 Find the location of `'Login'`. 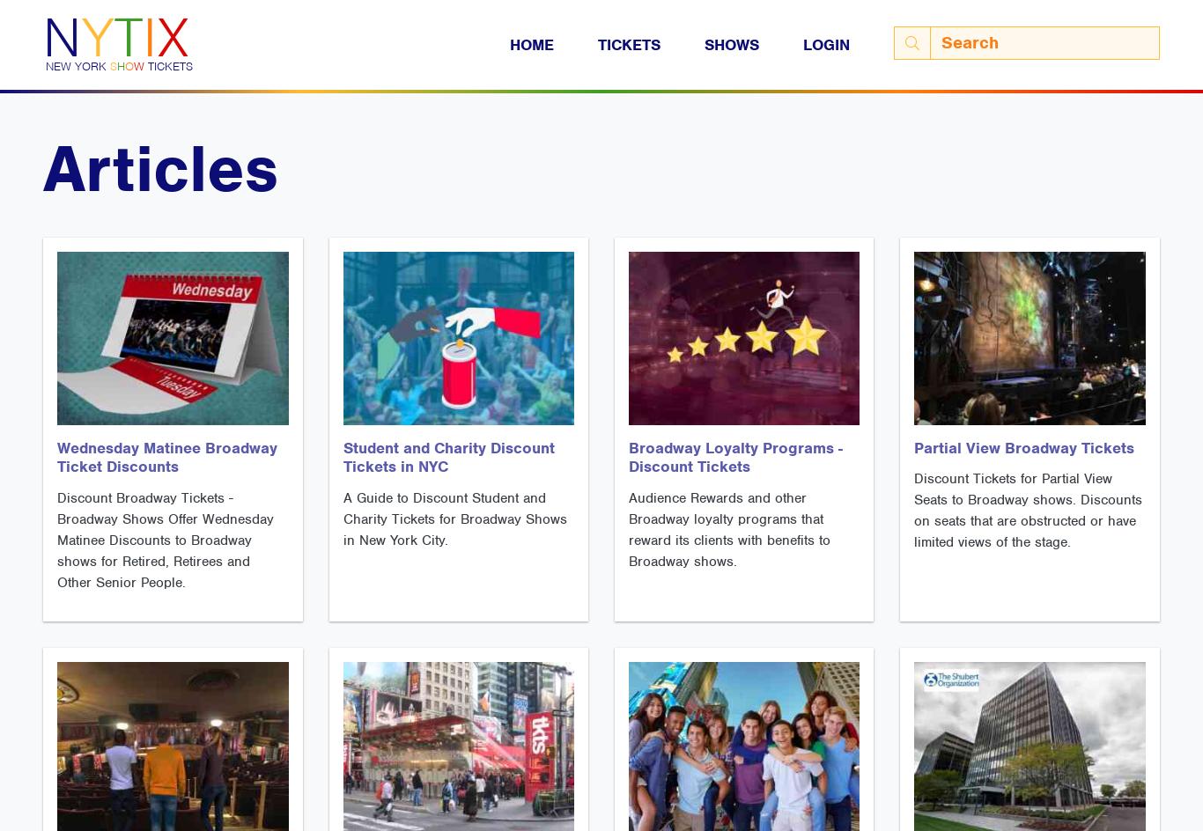

'Login' is located at coordinates (825, 44).